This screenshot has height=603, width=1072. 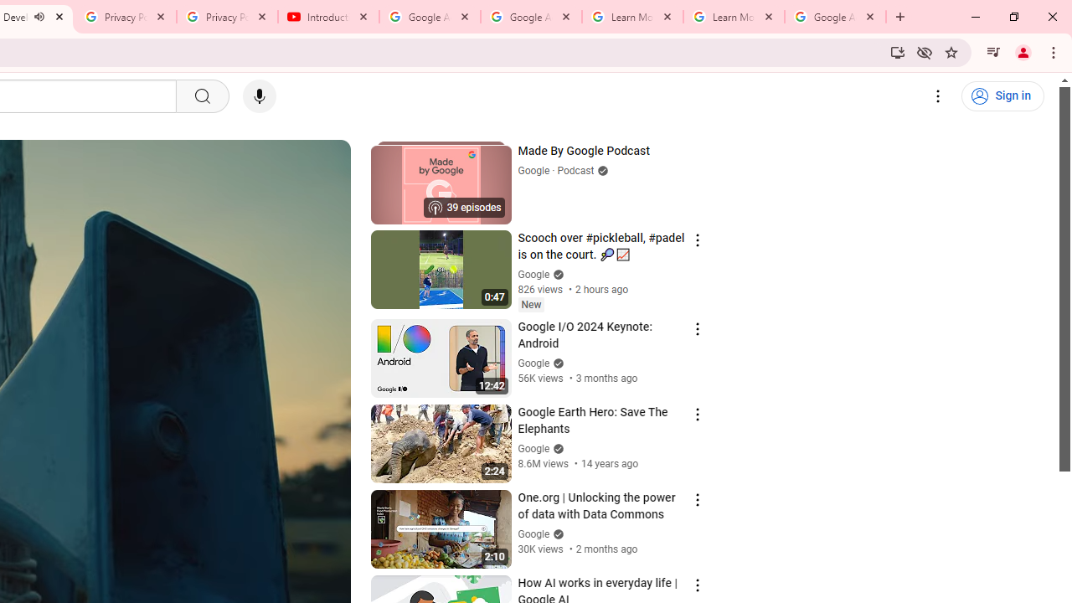 What do you see at coordinates (897, 51) in the screenshot?
I see `'Install YouTube'` at bounding box center [897, 51].